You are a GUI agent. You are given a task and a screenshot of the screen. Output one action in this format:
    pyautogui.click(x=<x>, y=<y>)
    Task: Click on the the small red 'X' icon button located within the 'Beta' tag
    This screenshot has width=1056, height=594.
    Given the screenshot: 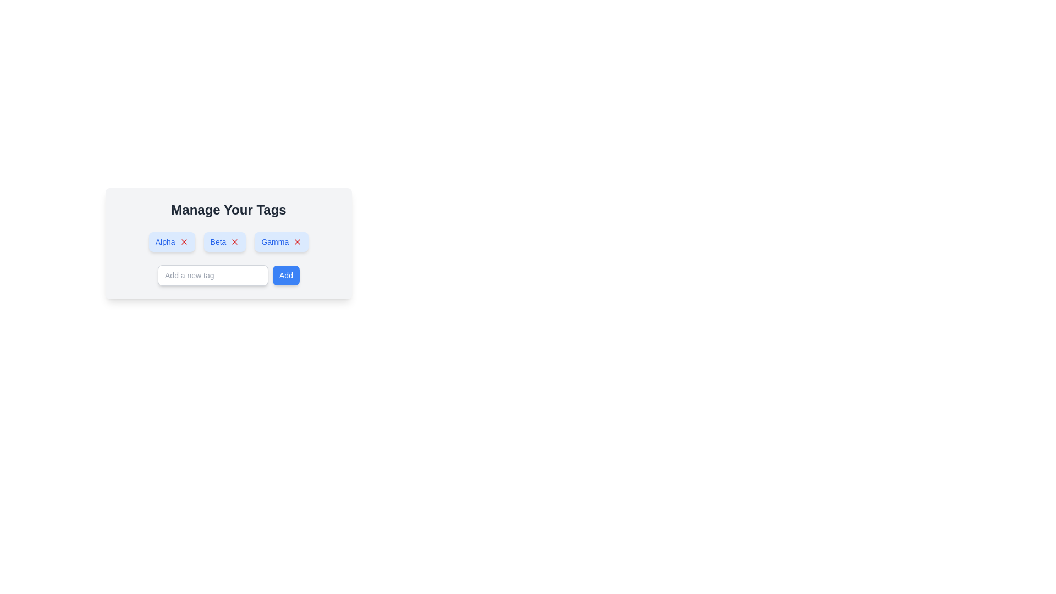 What is the action you would take?
    pyautogui.click(x=234, y=241)
    